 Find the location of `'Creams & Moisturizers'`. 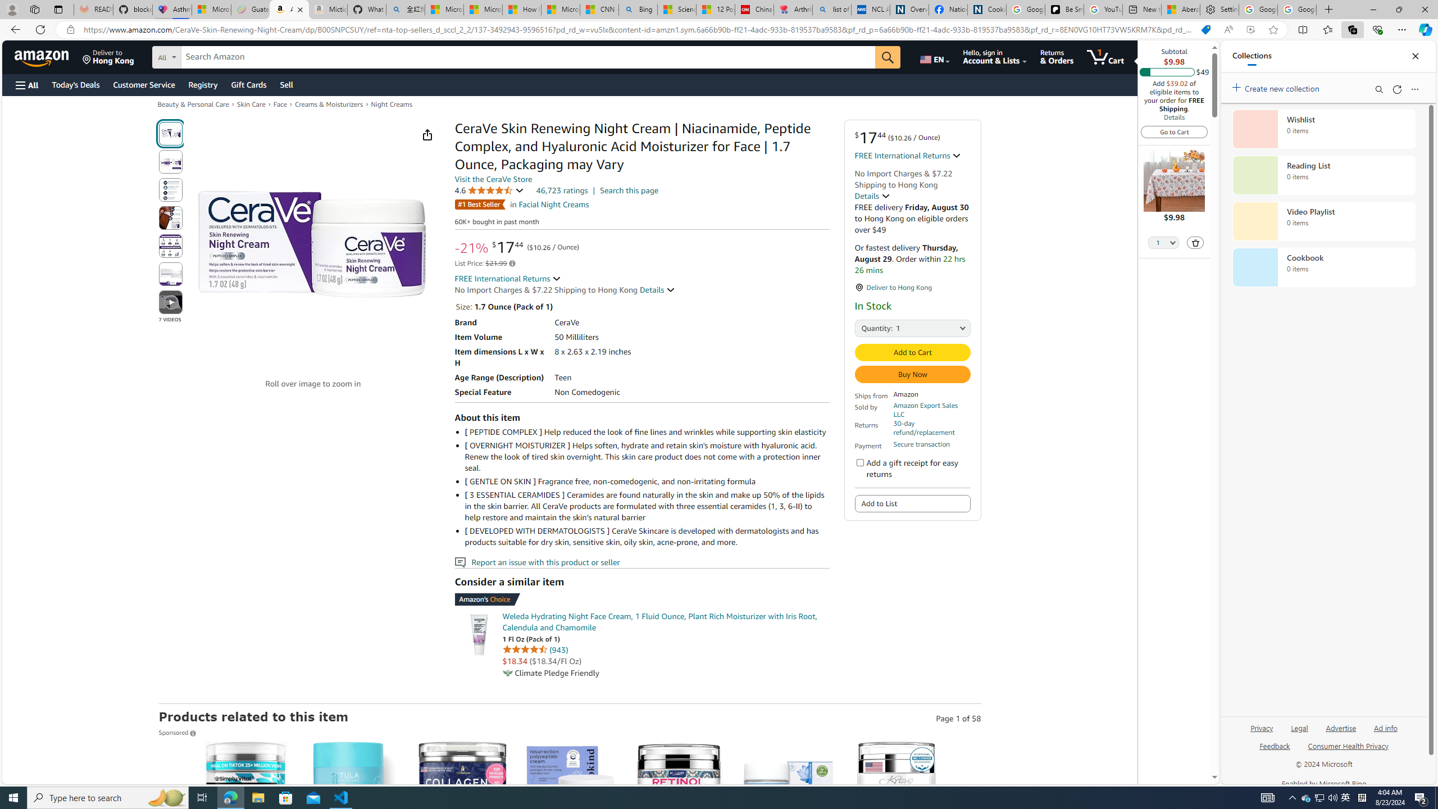

'Creams & Moisturizers' is located at coordinates (329, 103).